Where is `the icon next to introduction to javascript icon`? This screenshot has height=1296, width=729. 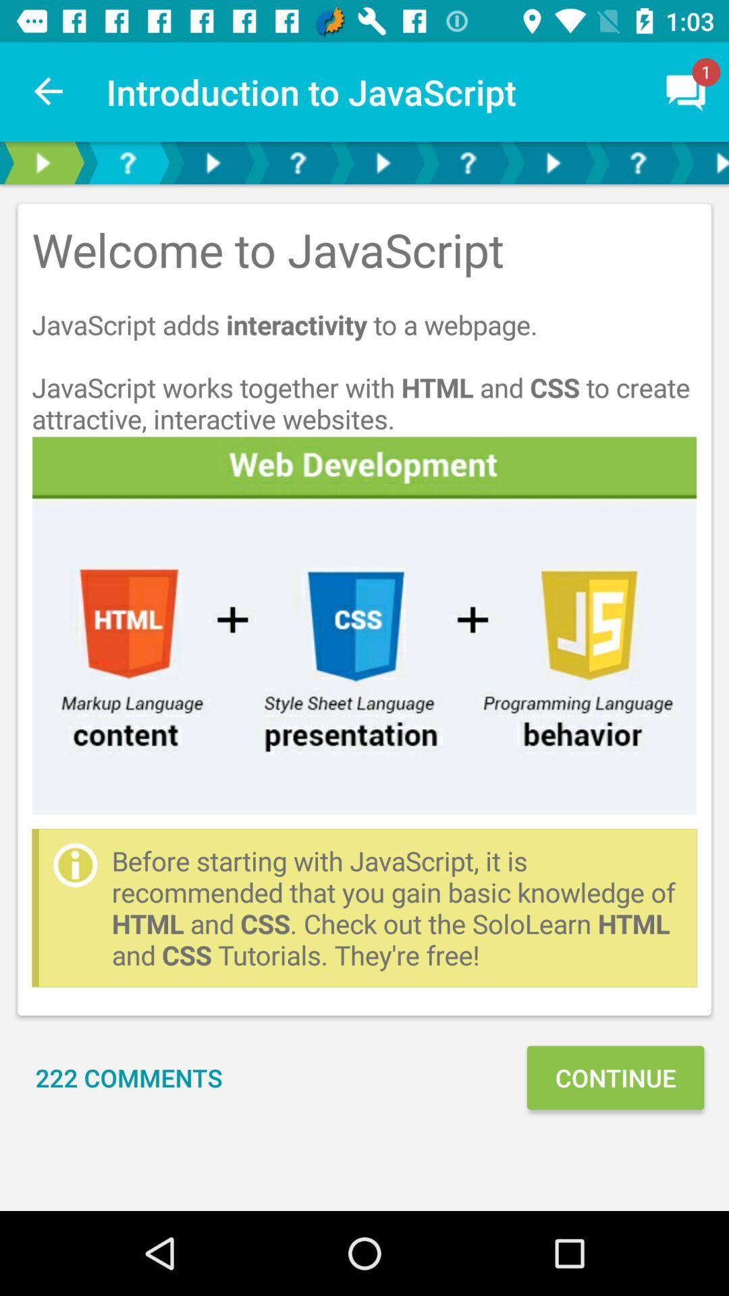 the icon next to introduction to javascript icon is located at coordinates (49, 91).